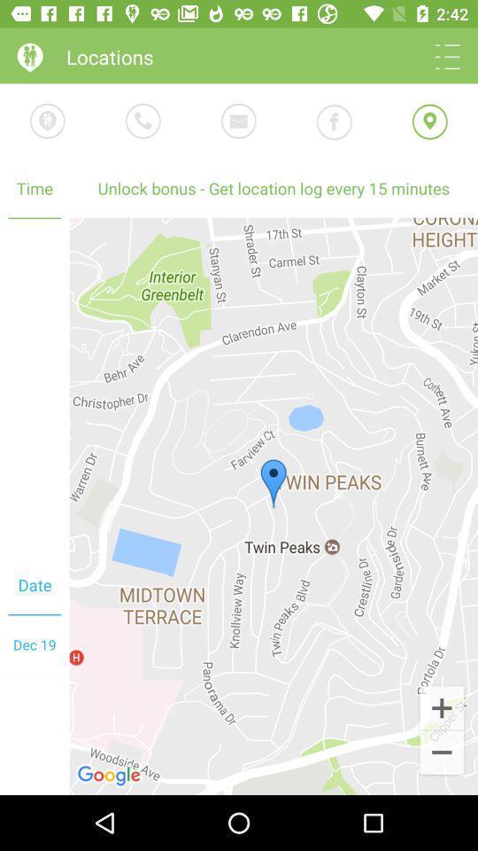 The width and height of the screenshot is (478, 851). What do you see at coordinates (35, 387) in the screenshot?
I see `icon to the left of unlock bonus get` at bounding box center [35, 387].